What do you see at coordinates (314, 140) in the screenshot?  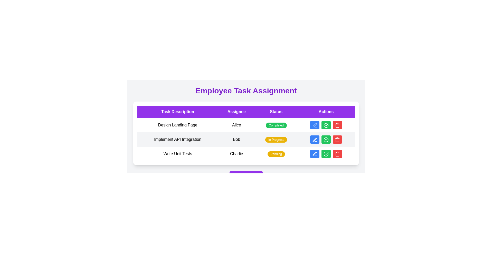 I see `the edit button icon represented by a pen symbol in the 'Actions' column of the second row in the task table for the 'Implement API Integration' task` at bounding box center [314, 140].